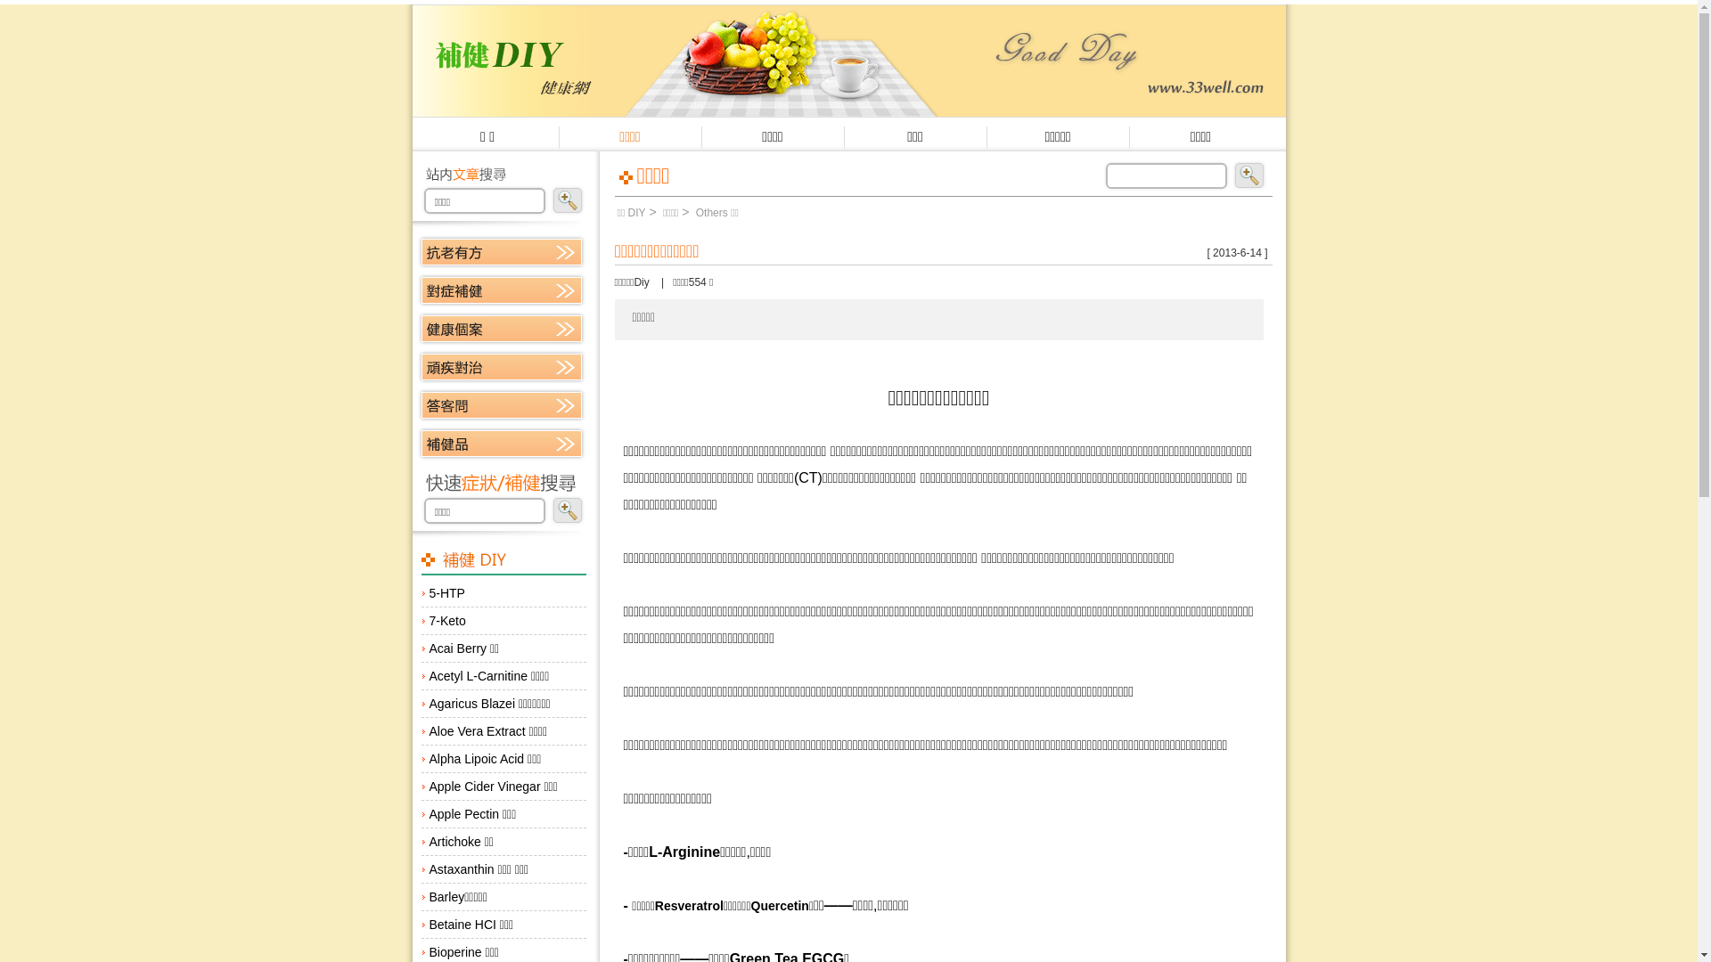 The image size is (1711, 962). What do you see at coordinates (502, 620) in the screenshot?
I see `'7-Keto'` at bounding box center [502, 620].